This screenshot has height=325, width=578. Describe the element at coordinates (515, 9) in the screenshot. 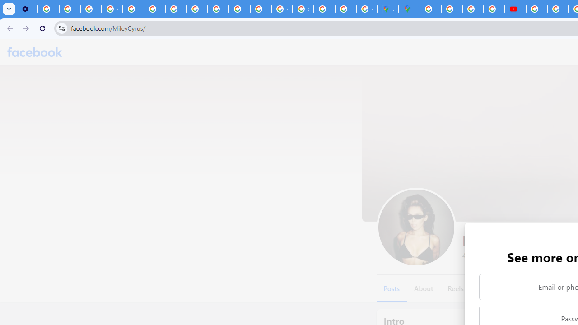

I see `'Subscriptions - YouTube'` at that location.